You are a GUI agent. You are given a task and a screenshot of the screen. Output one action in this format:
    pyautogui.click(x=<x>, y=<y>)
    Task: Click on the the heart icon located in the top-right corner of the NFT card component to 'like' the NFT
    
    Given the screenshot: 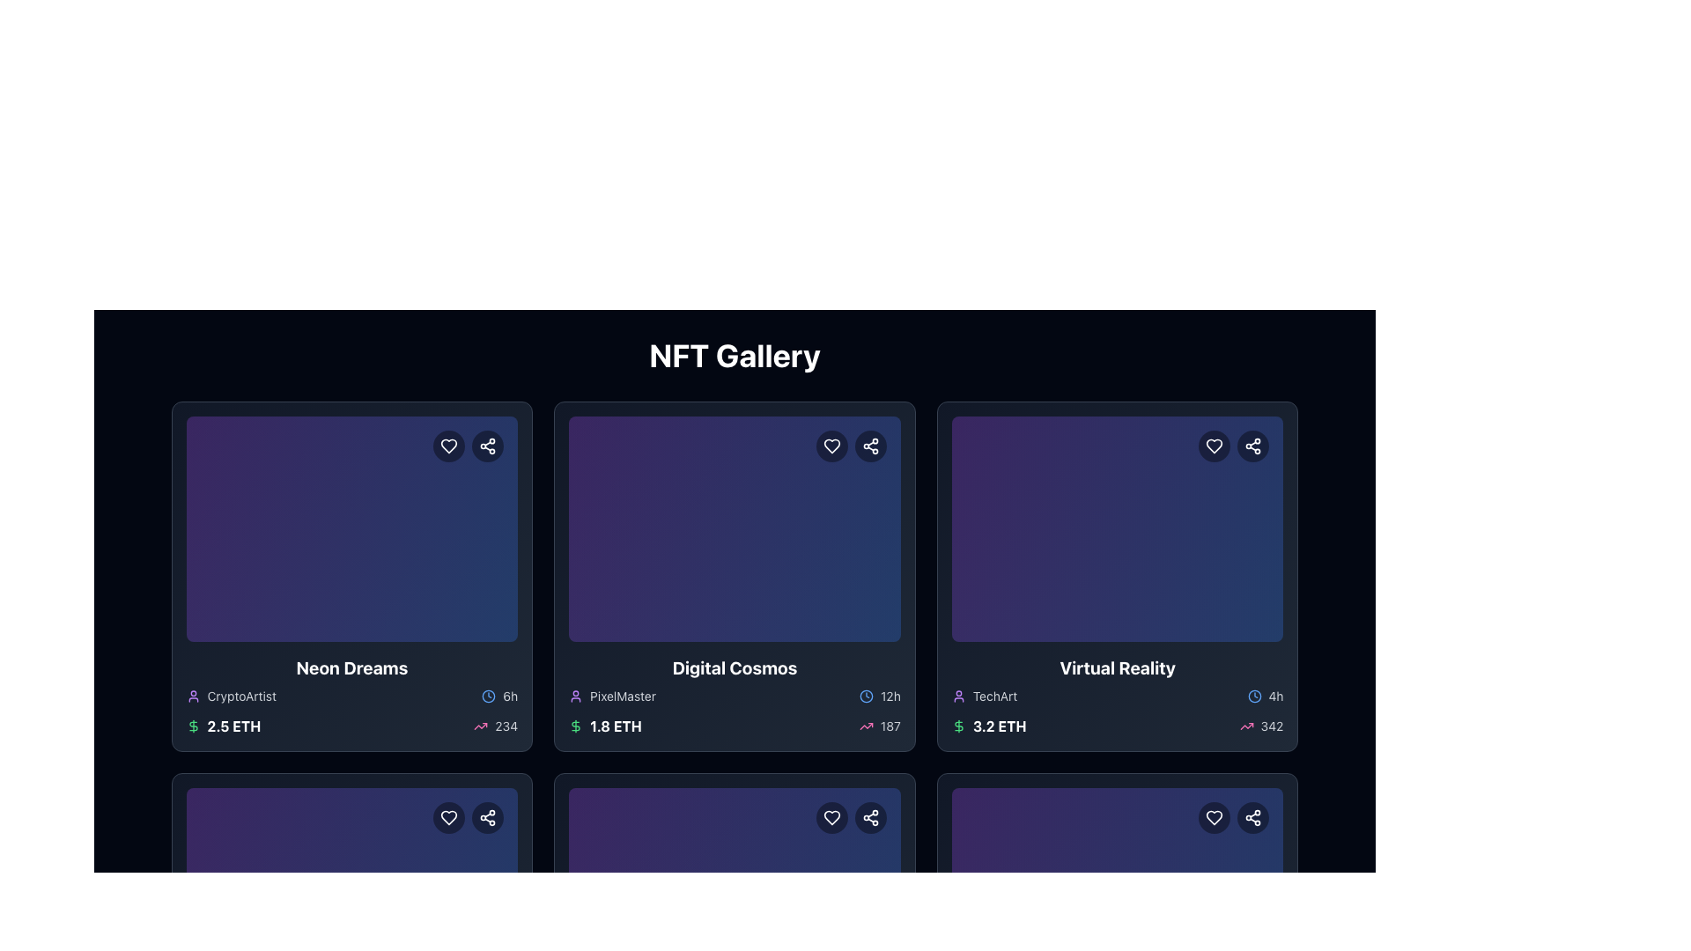 What is the action you would take?
    pyautogui.click(x=449, y=818)
    